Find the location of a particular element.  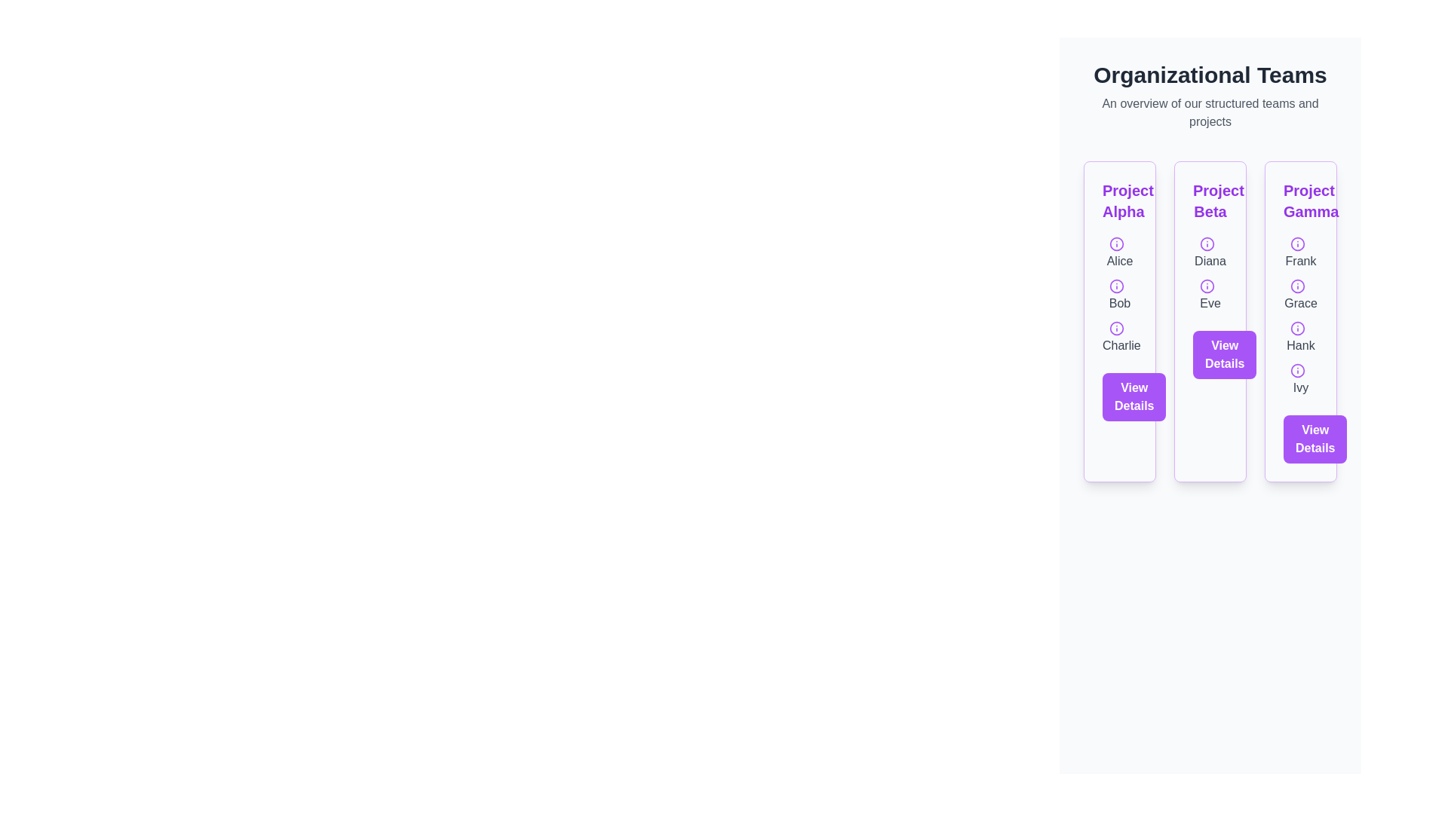

the circular information icon with a purple border located next to the text 'Eve' under the 'Project Beta' column is located at coordinates (1207, 285).